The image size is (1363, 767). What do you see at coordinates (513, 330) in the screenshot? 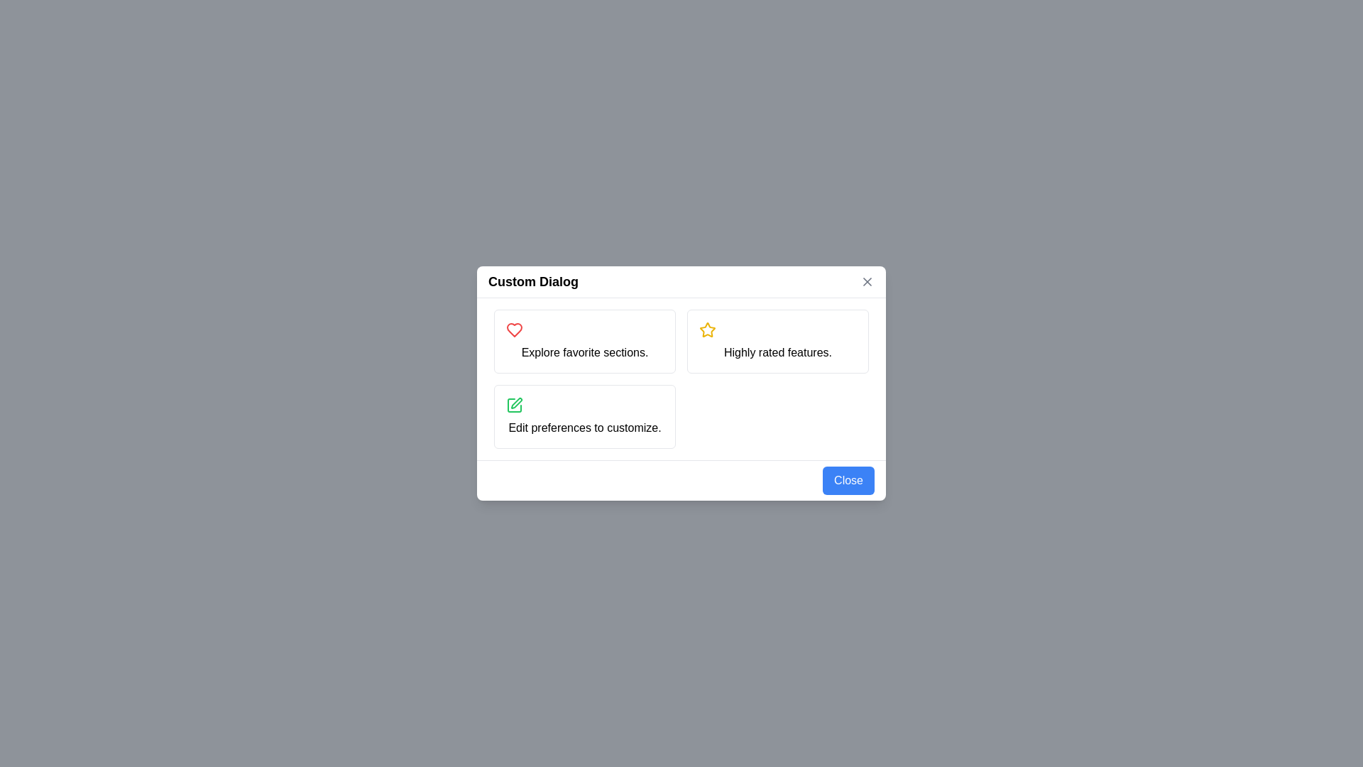
I see `the heart icon representing the 'Favorites' section, located in the top-left corner of the button grid in the dialog box` at bounding box center [513, 330].